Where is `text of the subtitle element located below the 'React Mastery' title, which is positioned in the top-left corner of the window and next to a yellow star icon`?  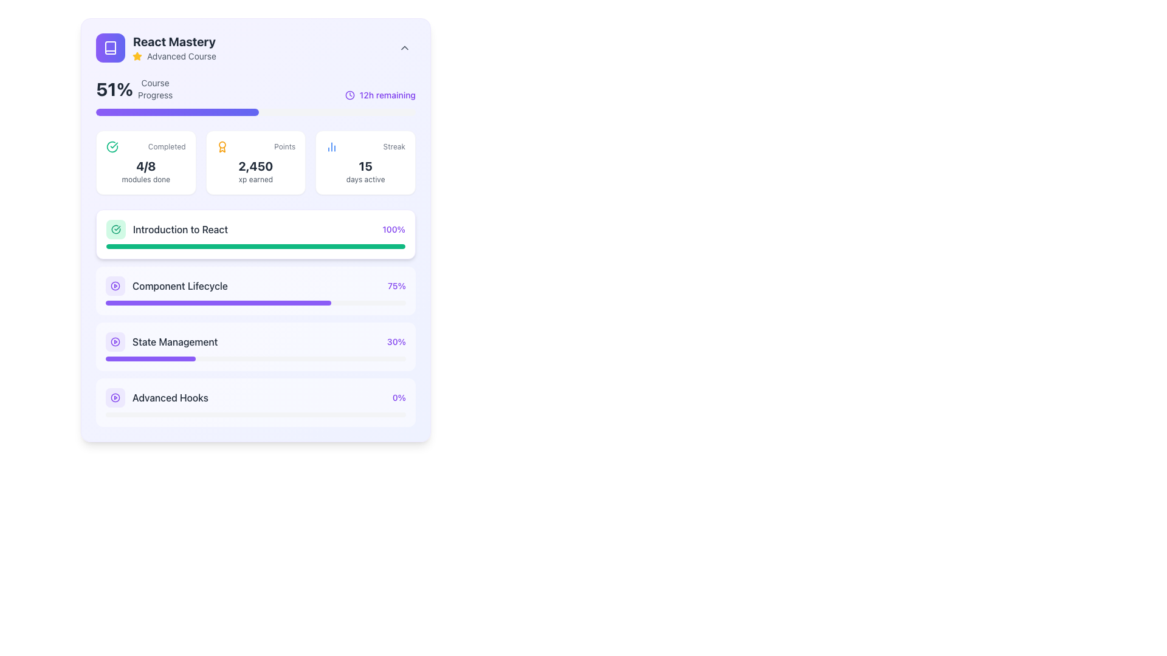
text of the subtitle element located below the 'React Mastery' title, which is positioned in the top-left corner of the window and next to a yellow star icon is located at coordinates (174, 56).